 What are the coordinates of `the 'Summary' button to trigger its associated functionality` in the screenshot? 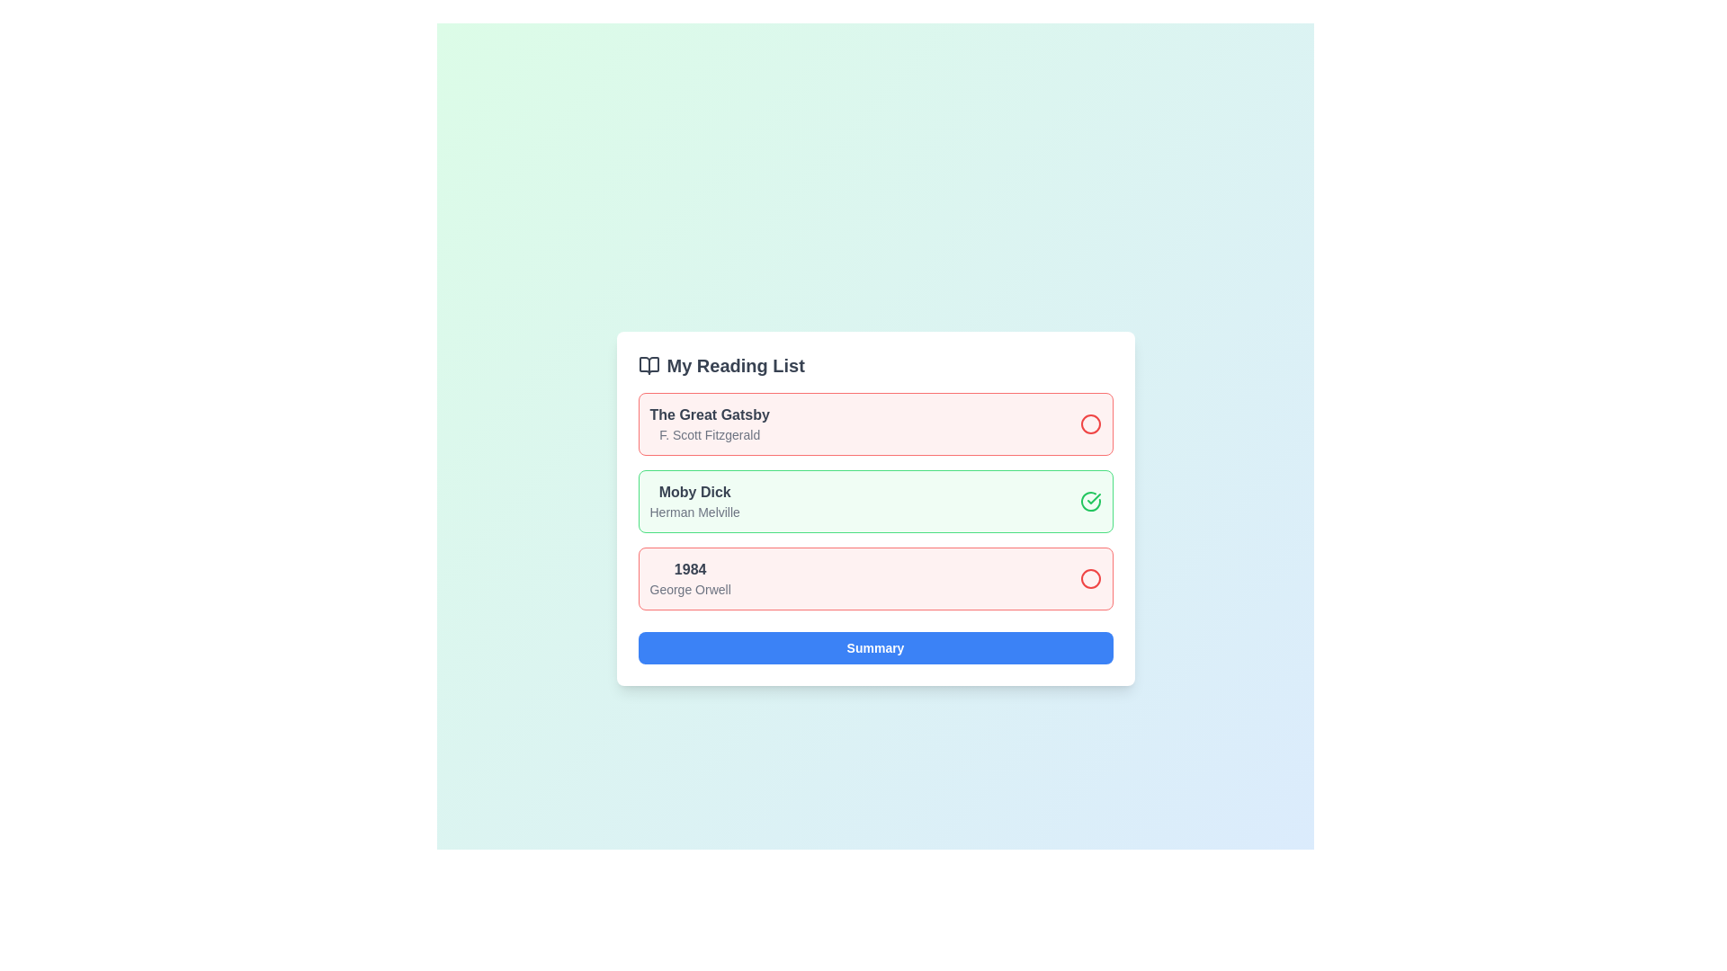 It's located at (875, 648).